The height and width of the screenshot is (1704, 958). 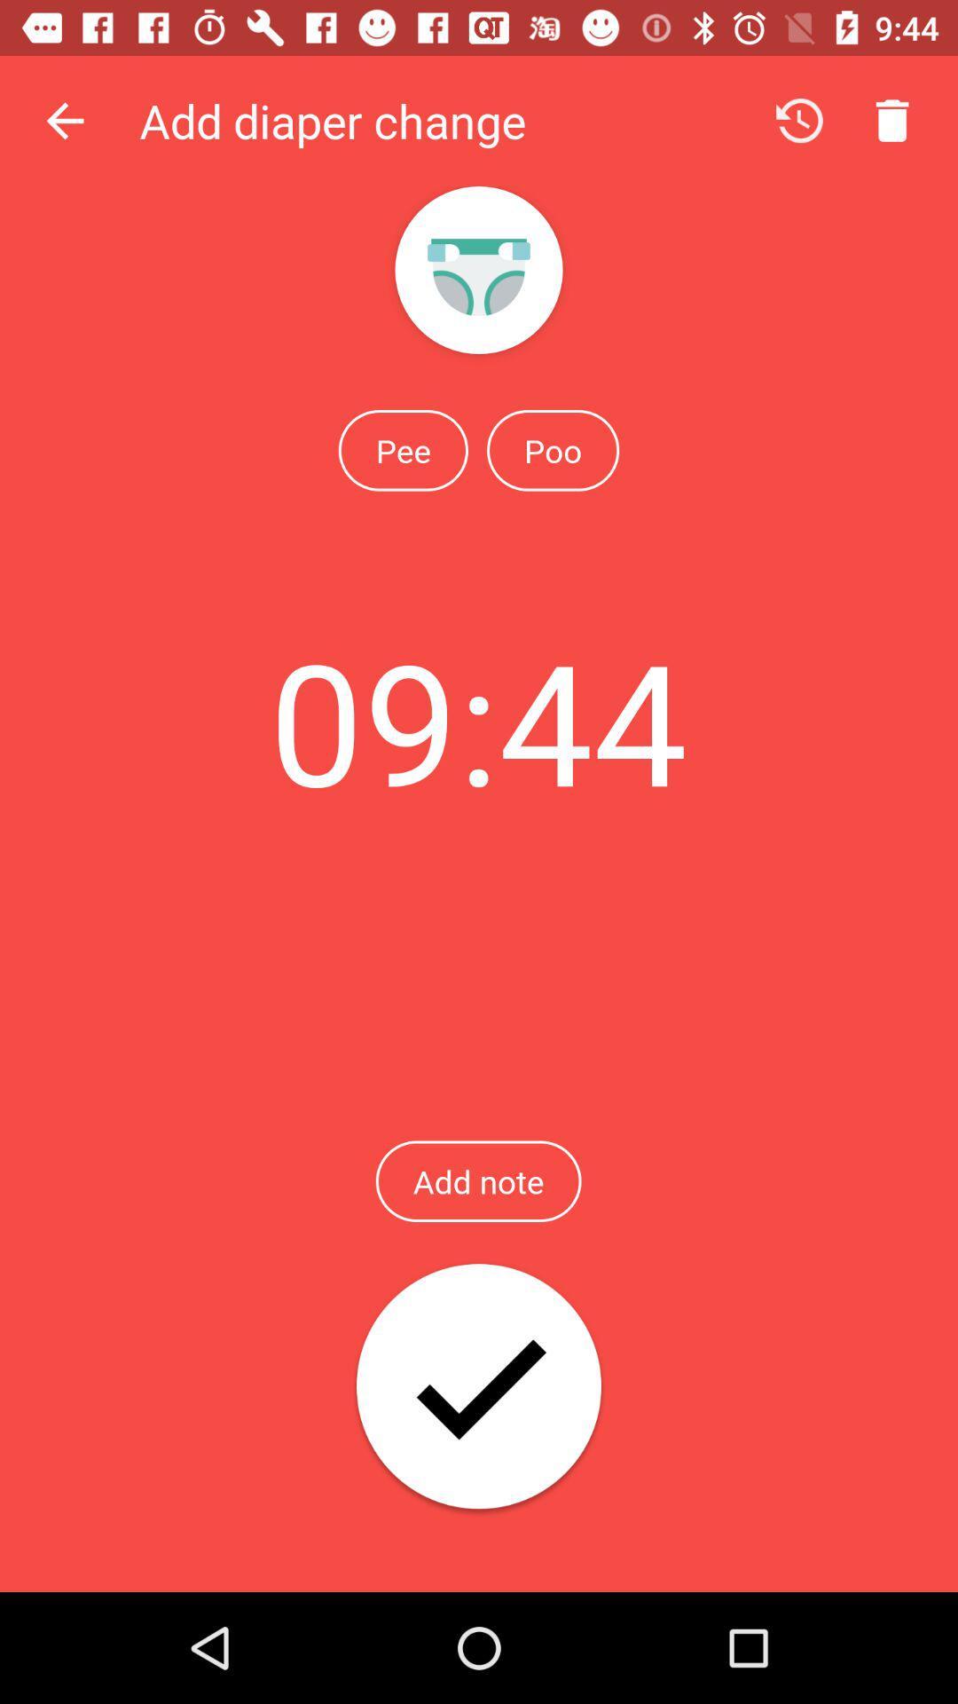 What do you see at coordinates (477, 721) in the screenshot?
I see `item below pee` at bounding box center [477, 721].